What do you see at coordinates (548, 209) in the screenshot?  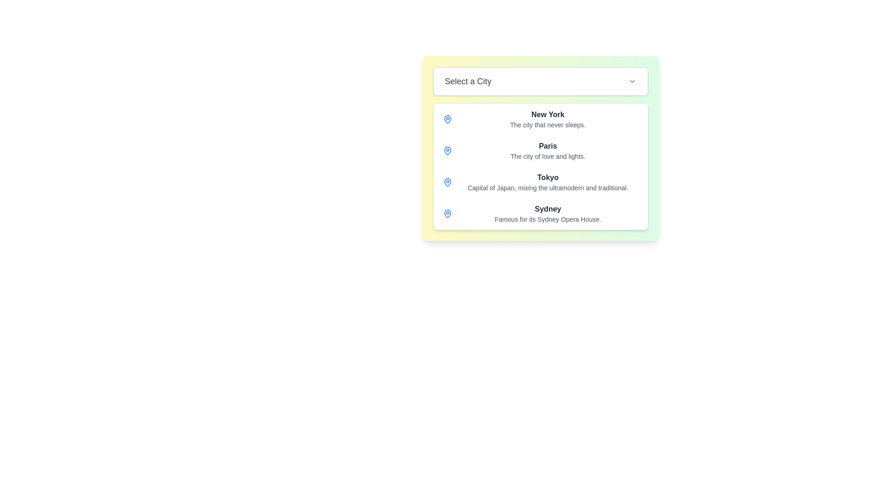 I see `the bold title of the city option located fourth in the list, which is above the description 'Famous for its Sydney Opera House.' and to the right of the city icon` at bounding box center [548, 209].